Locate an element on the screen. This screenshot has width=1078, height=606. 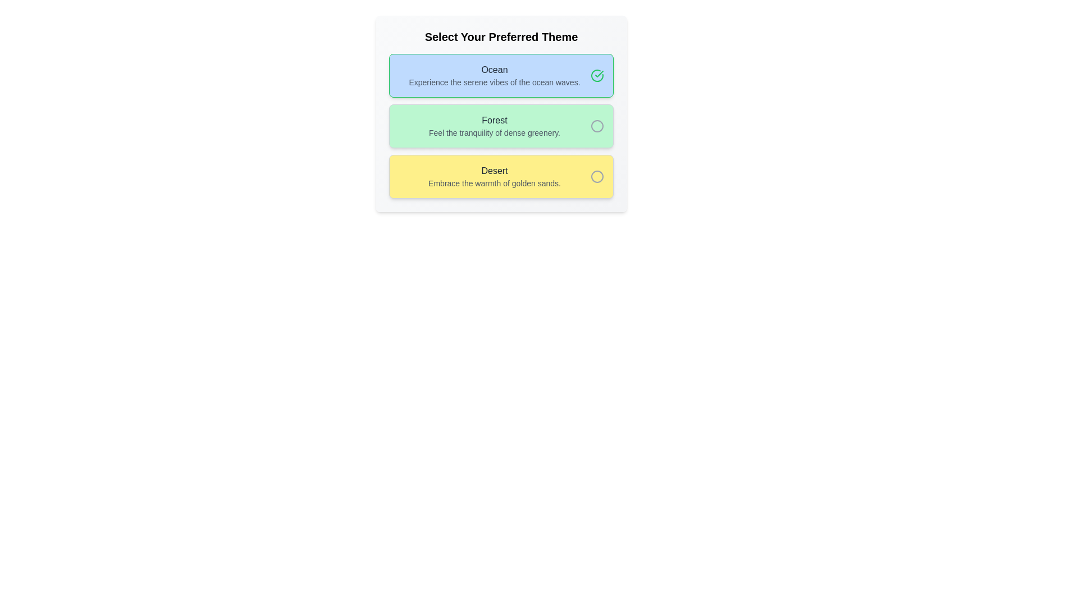
the text label at the top of the yellow highlighted card, which serves as the title for its selection option is located at coordinates (494, 171).